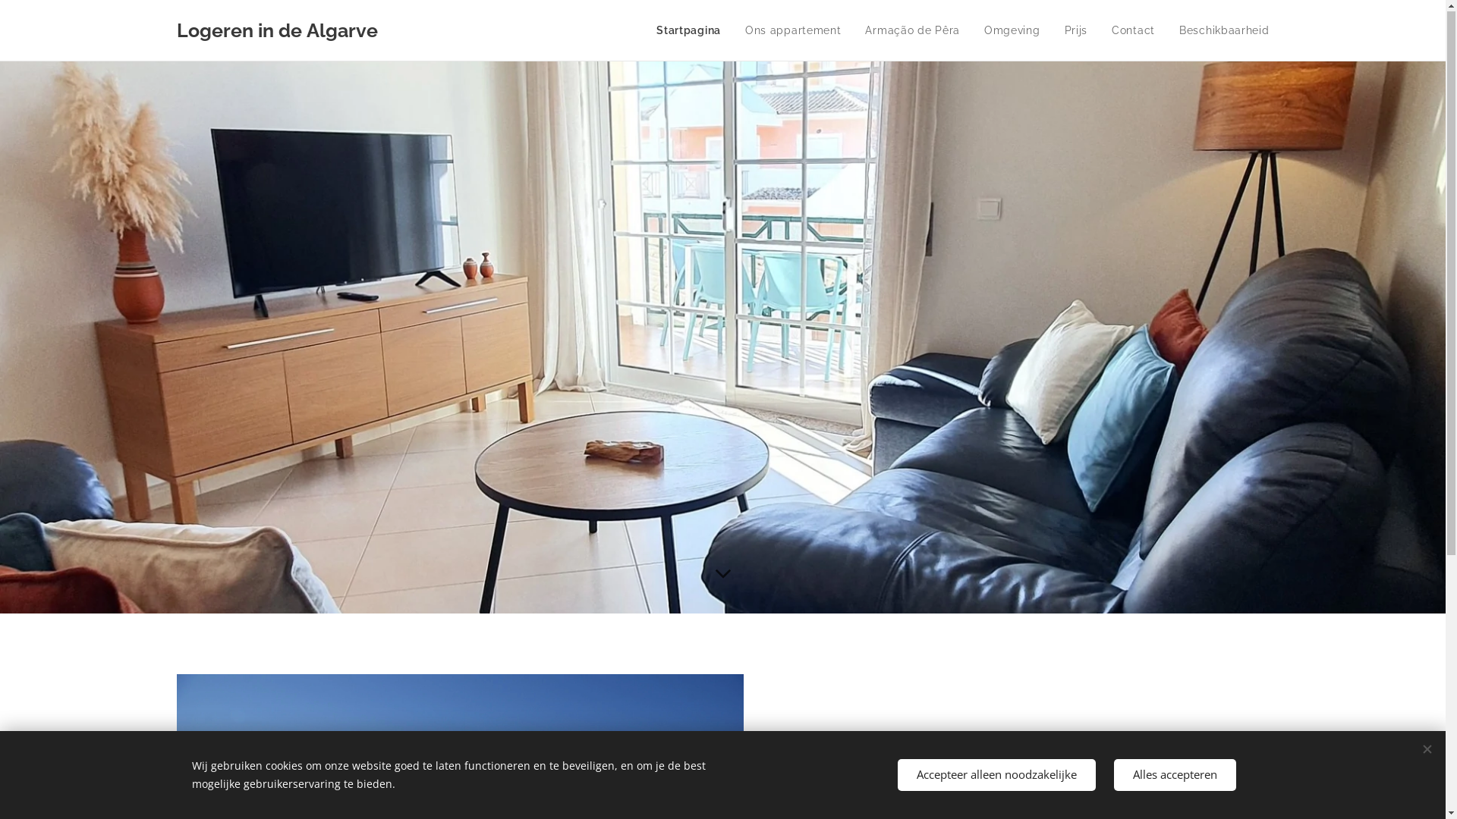 The height and width of the screenshot is (819, 1457). Describe the element at coordinates (1166, 31) in the screenshot. I see `'Beschikbaarheid'` at that location.